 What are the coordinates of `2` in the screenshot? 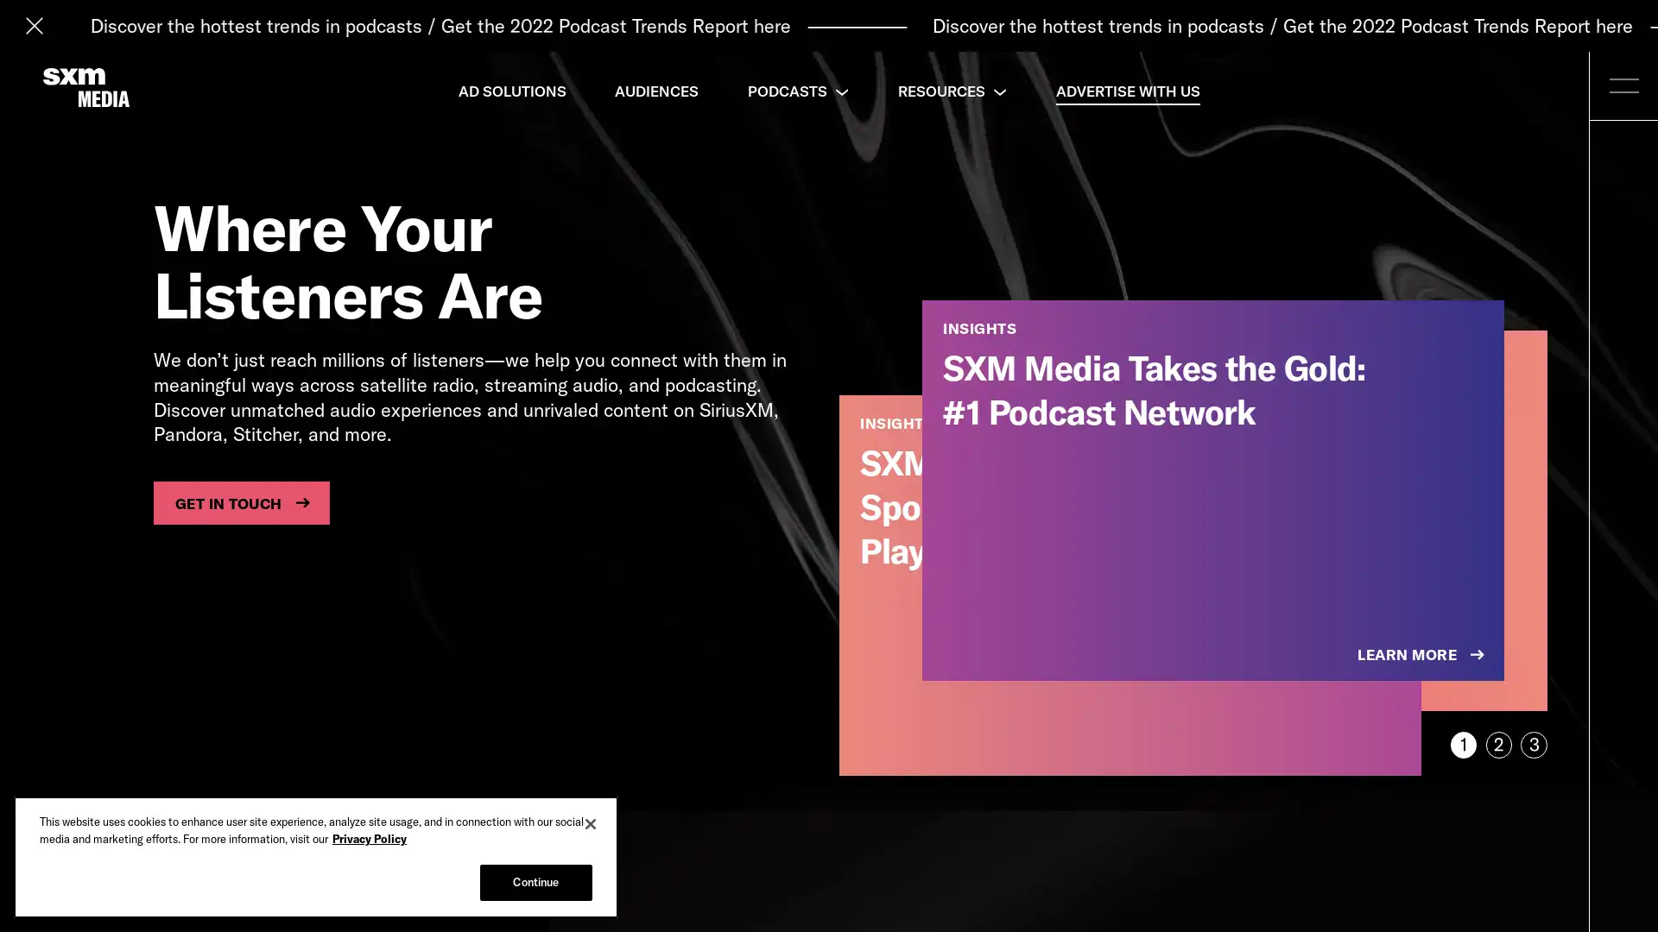 It's located at (1497, 744).